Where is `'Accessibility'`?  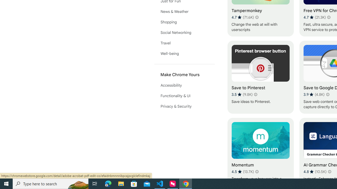 'Accessibility' is located at coordinates (184, 85).